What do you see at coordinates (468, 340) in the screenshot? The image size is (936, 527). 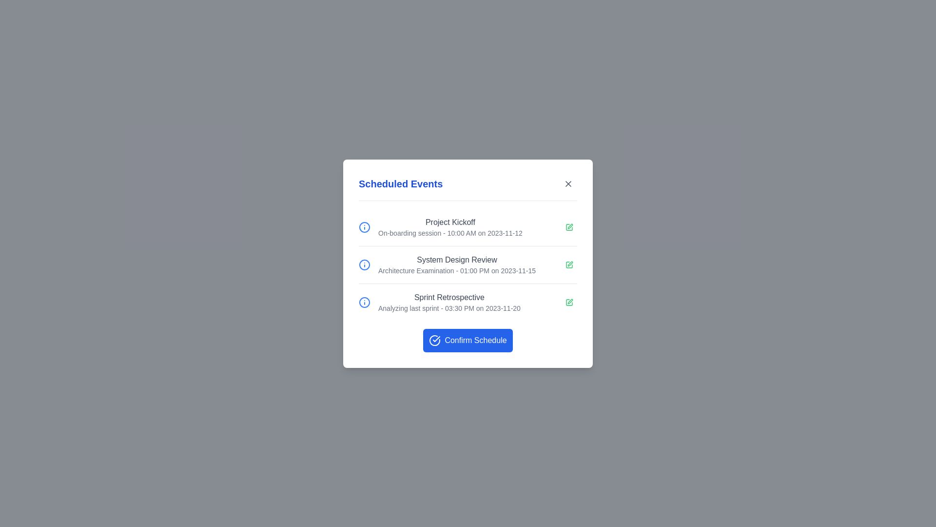 I see `the 'Confirm Schedule' button to finalize the schedule` at bounding box center [468, 340].